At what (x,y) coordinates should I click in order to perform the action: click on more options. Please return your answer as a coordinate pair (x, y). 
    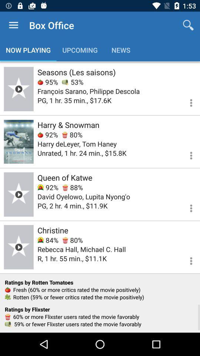
    Looking at the image, I should click on (186, 207).